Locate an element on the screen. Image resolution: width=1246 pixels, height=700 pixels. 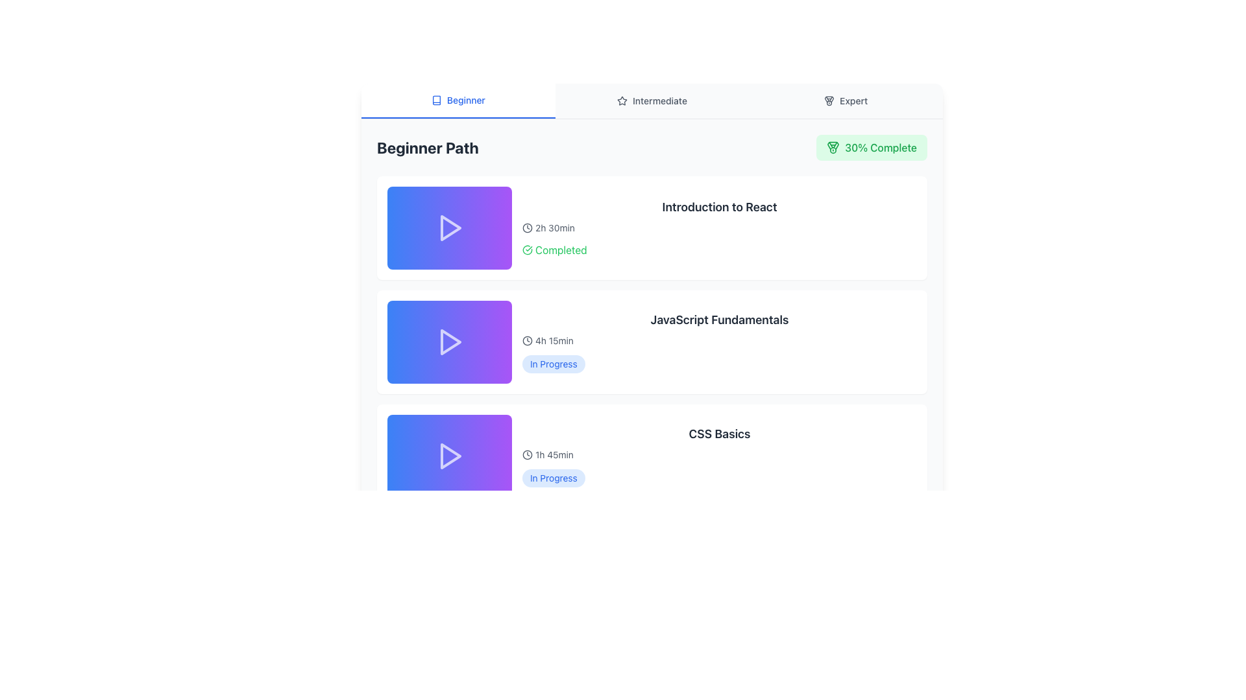
the 'Intermediate' tab in the top navigation bar is located at coordinates (652, 100).